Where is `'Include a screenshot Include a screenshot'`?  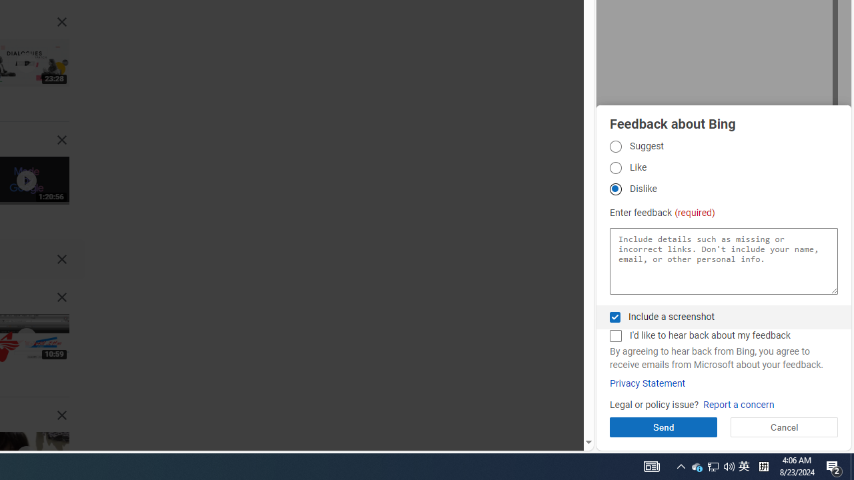 'Include a screenshot Include a screenshot' is located at coordinates (614, 317).